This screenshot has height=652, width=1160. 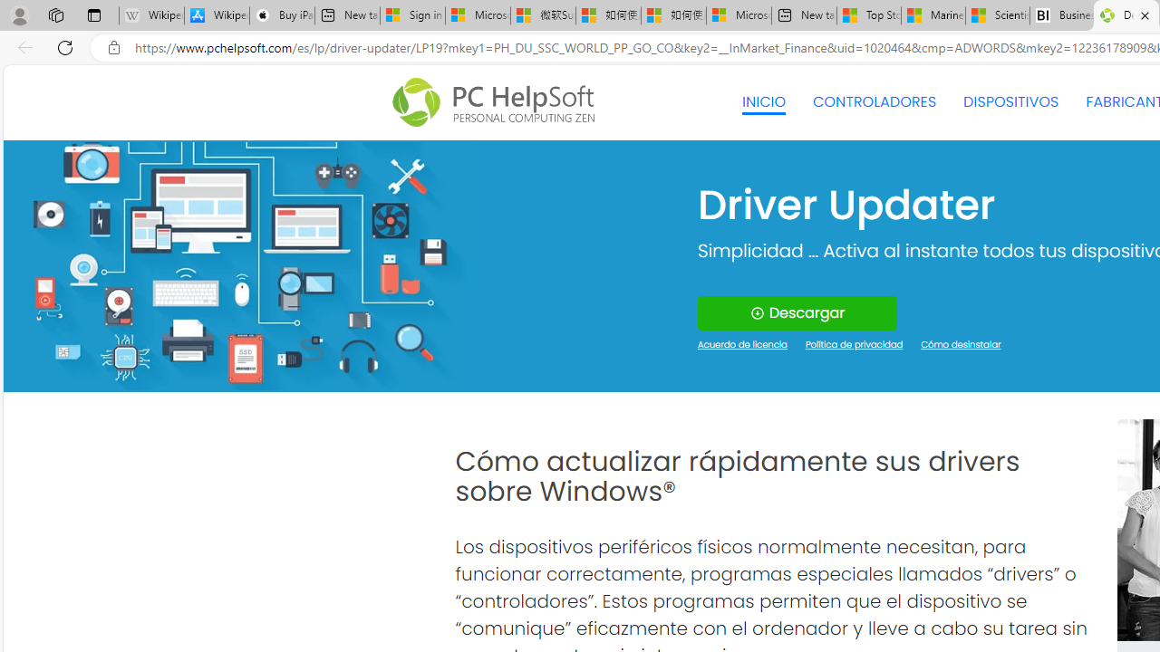 I want to click on 'Buy iPad - Apple', so click(x=281, y=15).